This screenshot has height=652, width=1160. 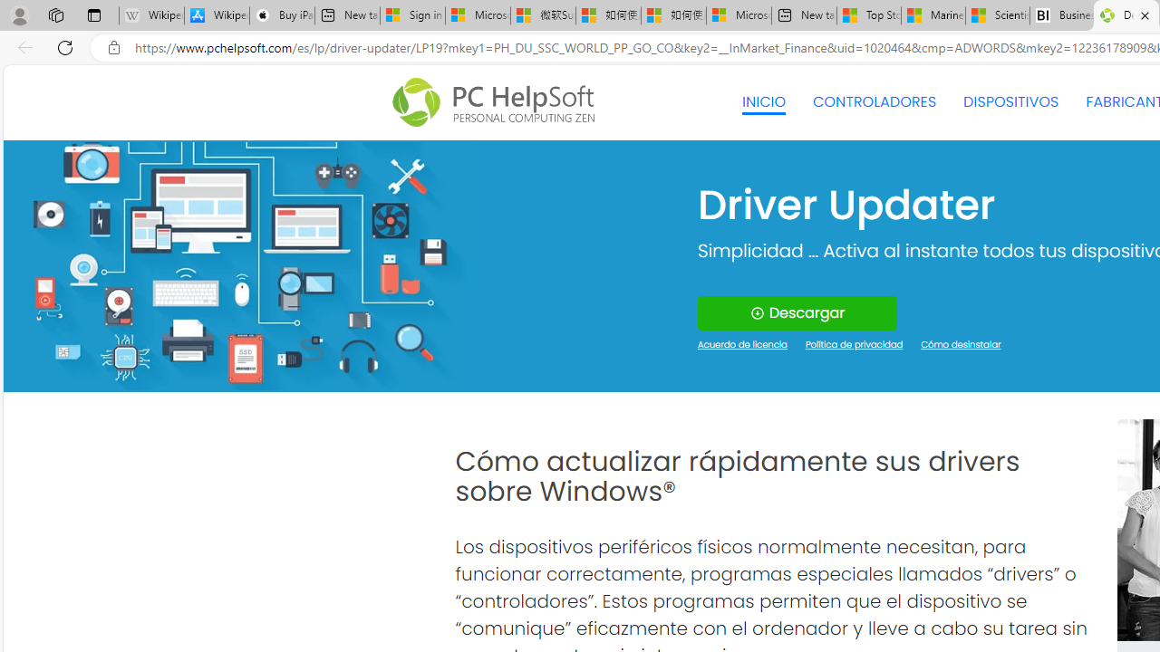 I want to click on 'Buy iPad - Apple', so click(x=281, y=15).